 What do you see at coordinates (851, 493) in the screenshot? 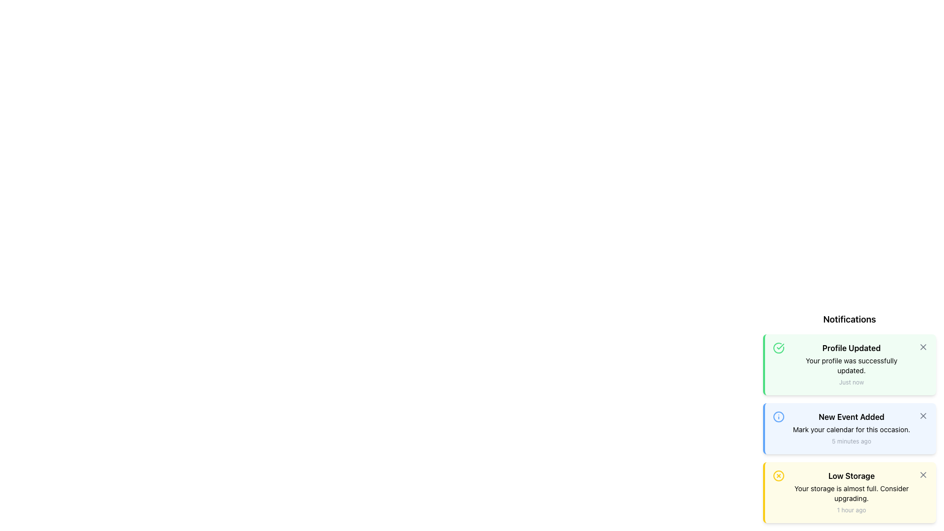
I see `the notification card that informs the user about low storage space, which is the third item in a vertical stack of notifications under 'New Event Added'` at bounding box center [851, 493].